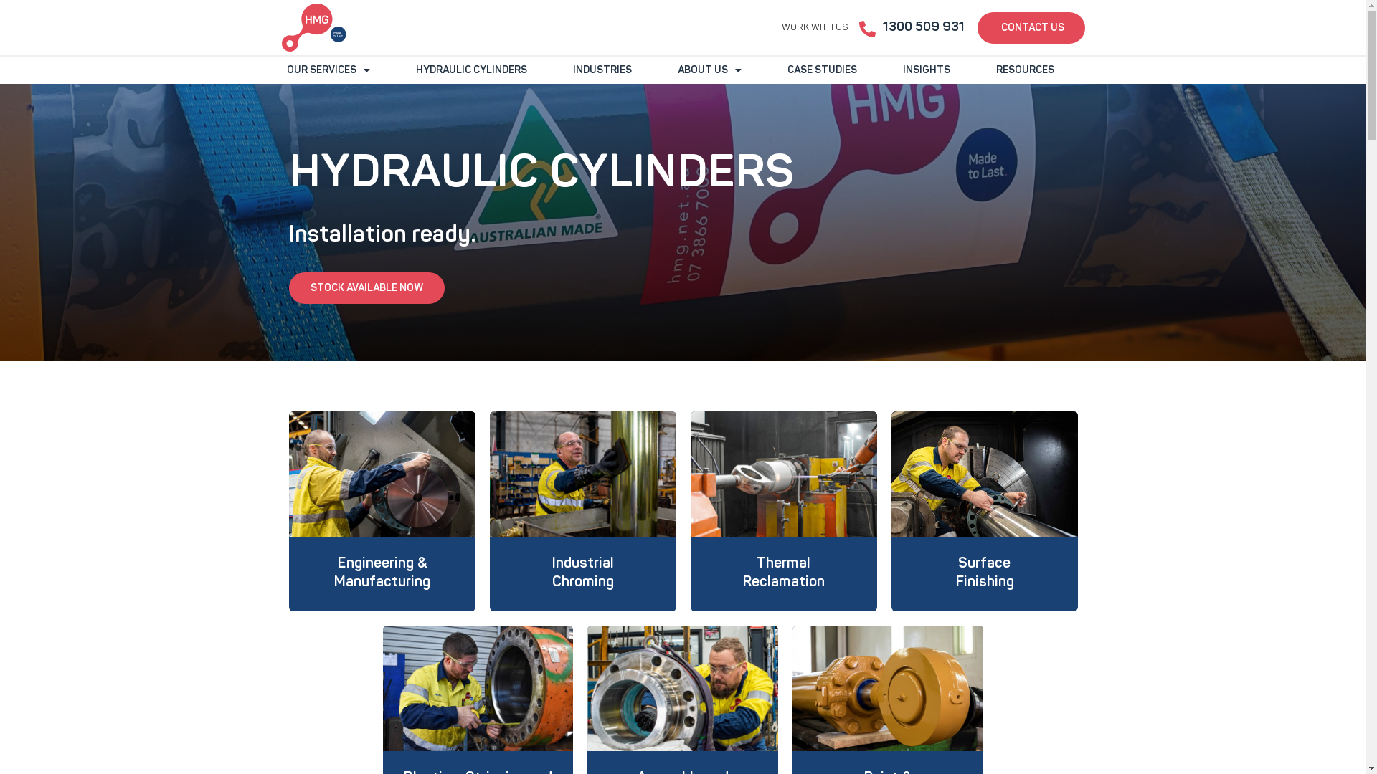 The height and width of the screenshot is (774, 1377). I want to click on 'ABOUT US', so click(709, 70).